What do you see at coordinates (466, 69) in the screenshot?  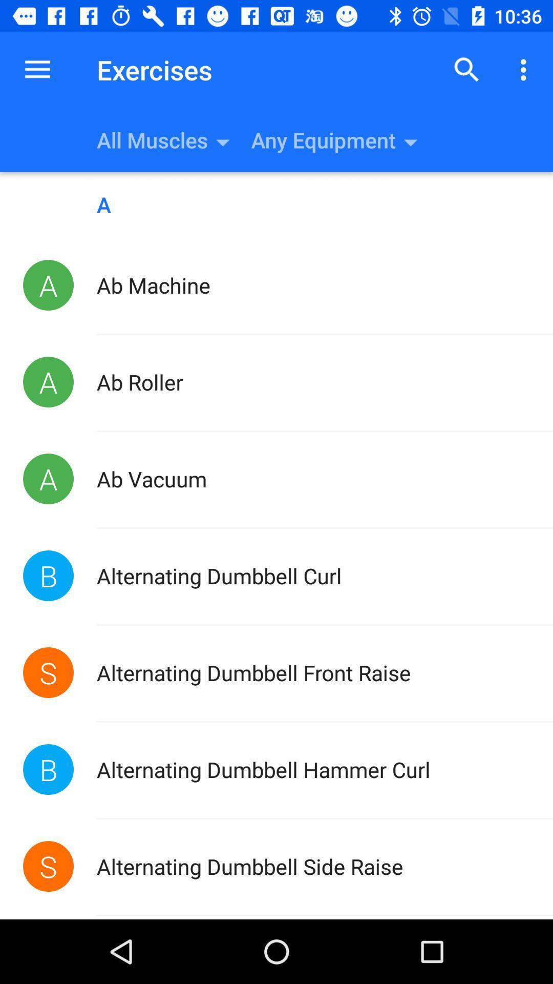 I see `the item to the right of exercises item` at bounding box center [466, 69].